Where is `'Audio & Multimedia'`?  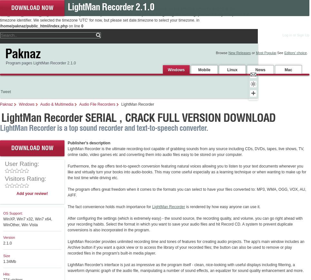
'Audio & Multimedia' is located at coordinates (40, 104).